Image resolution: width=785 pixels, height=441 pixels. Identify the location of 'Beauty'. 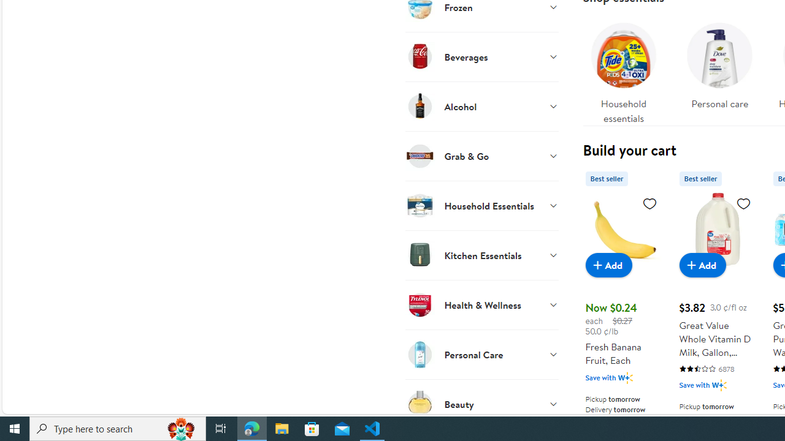
(481, 404).